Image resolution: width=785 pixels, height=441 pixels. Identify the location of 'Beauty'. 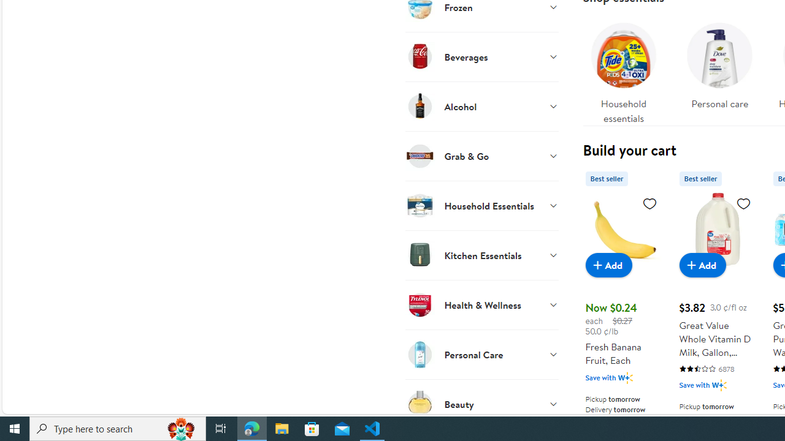
(481, 404).